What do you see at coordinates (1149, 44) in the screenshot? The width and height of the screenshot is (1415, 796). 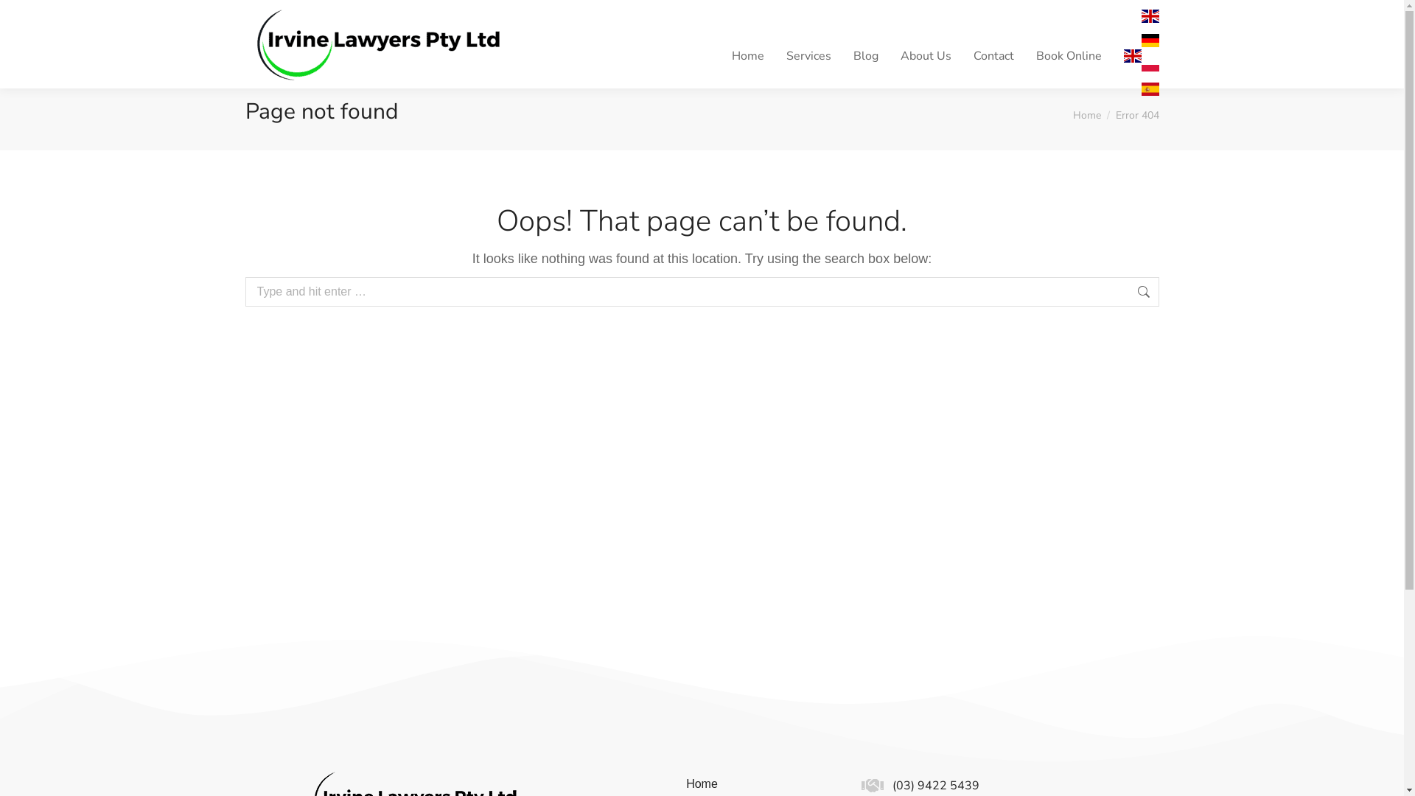 I see `'German'` at bounding box center [1149, 44].